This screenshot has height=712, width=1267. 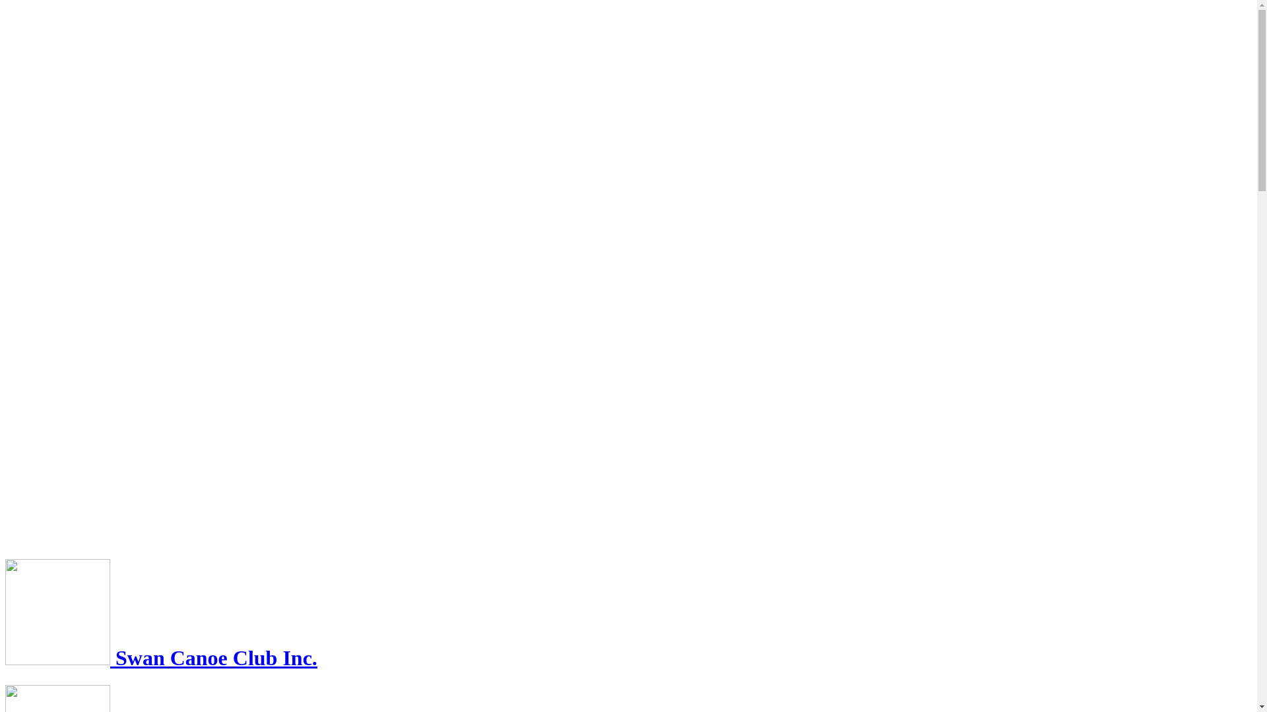 What do you see at coordinates (160, 658) in the screenshot?
I see `'Swan Canoe Club Inc.'` at bounding box center [160, 658].